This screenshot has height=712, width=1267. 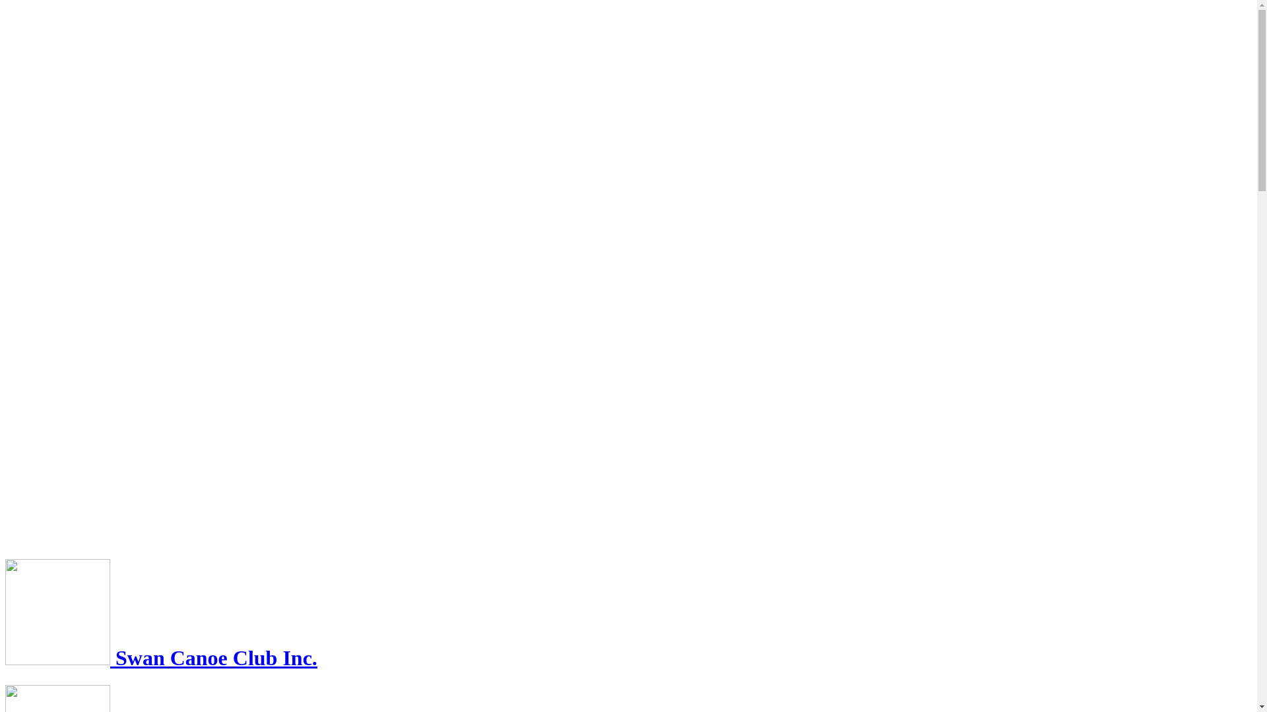 What do you see at coordinates (160, 658) in the screenshot?
I see `'Swan Canoe Club Inc.'` at bounding box center [160, 658].